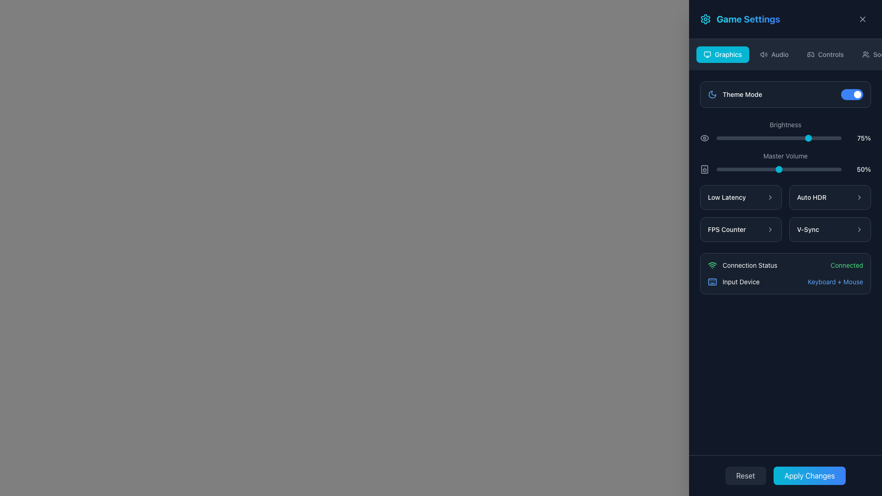  What do you see at coordinates (865, 55) in the screenshot?
I see `the first icon in the navigation menu on the right side of the application interface that represents the 'Social' section` at bounding box center [865, 55].